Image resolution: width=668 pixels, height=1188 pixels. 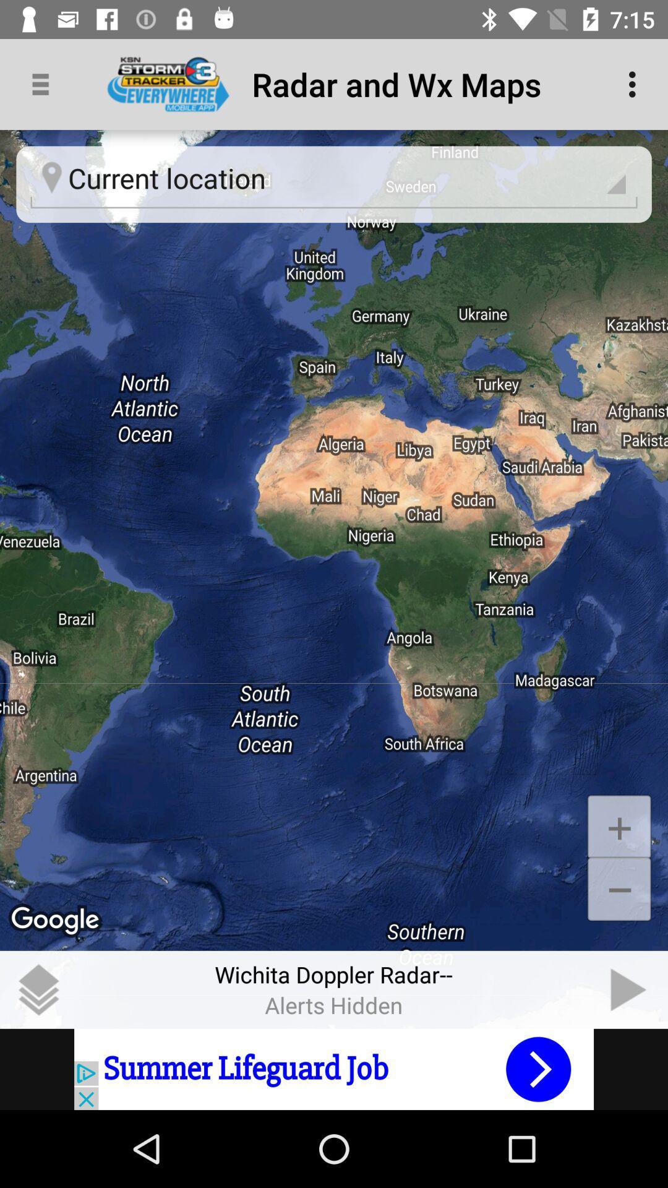 I want to click on advertisement portion, so click(x=334, y=1069).